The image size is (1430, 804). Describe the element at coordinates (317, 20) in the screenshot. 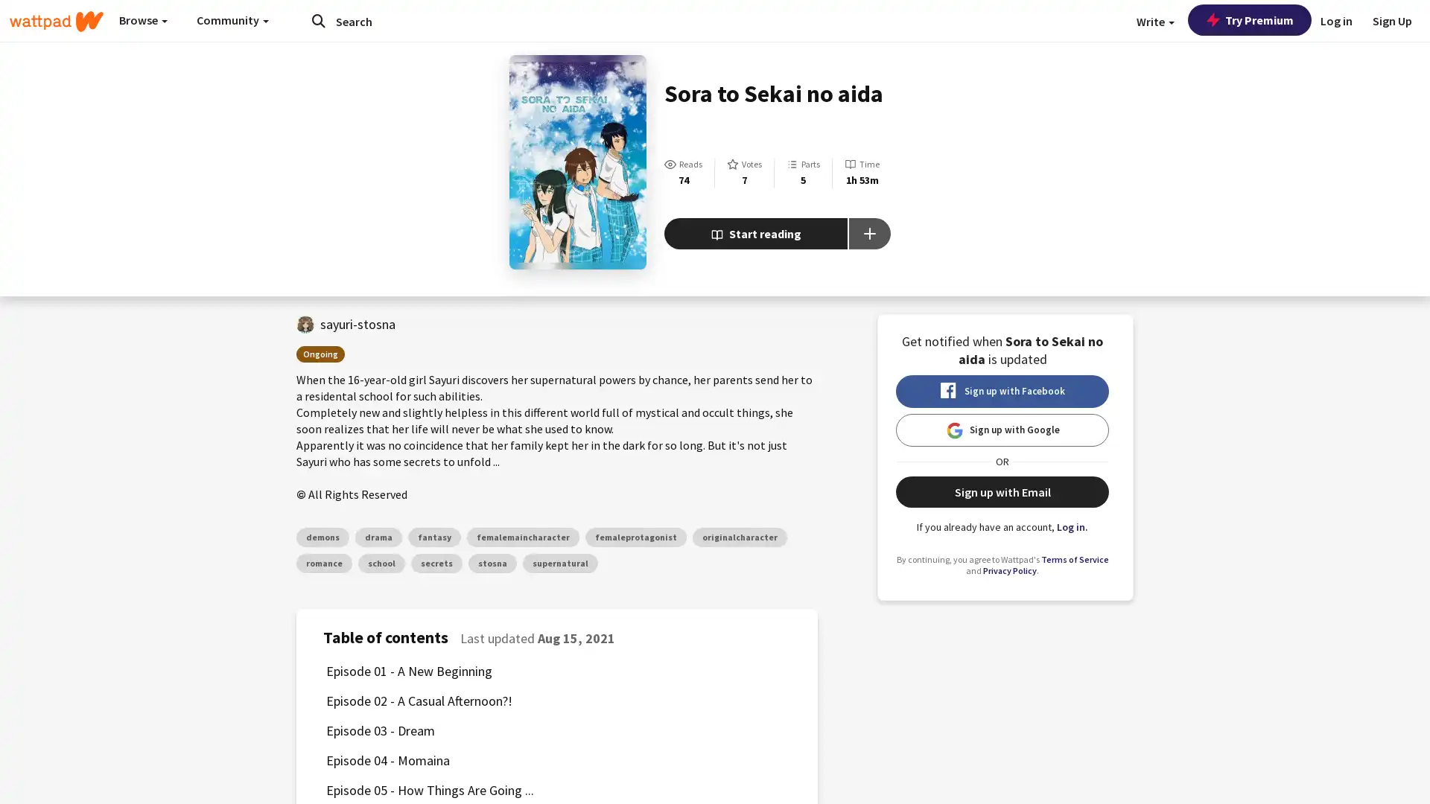

I see `Submit search` at that location.